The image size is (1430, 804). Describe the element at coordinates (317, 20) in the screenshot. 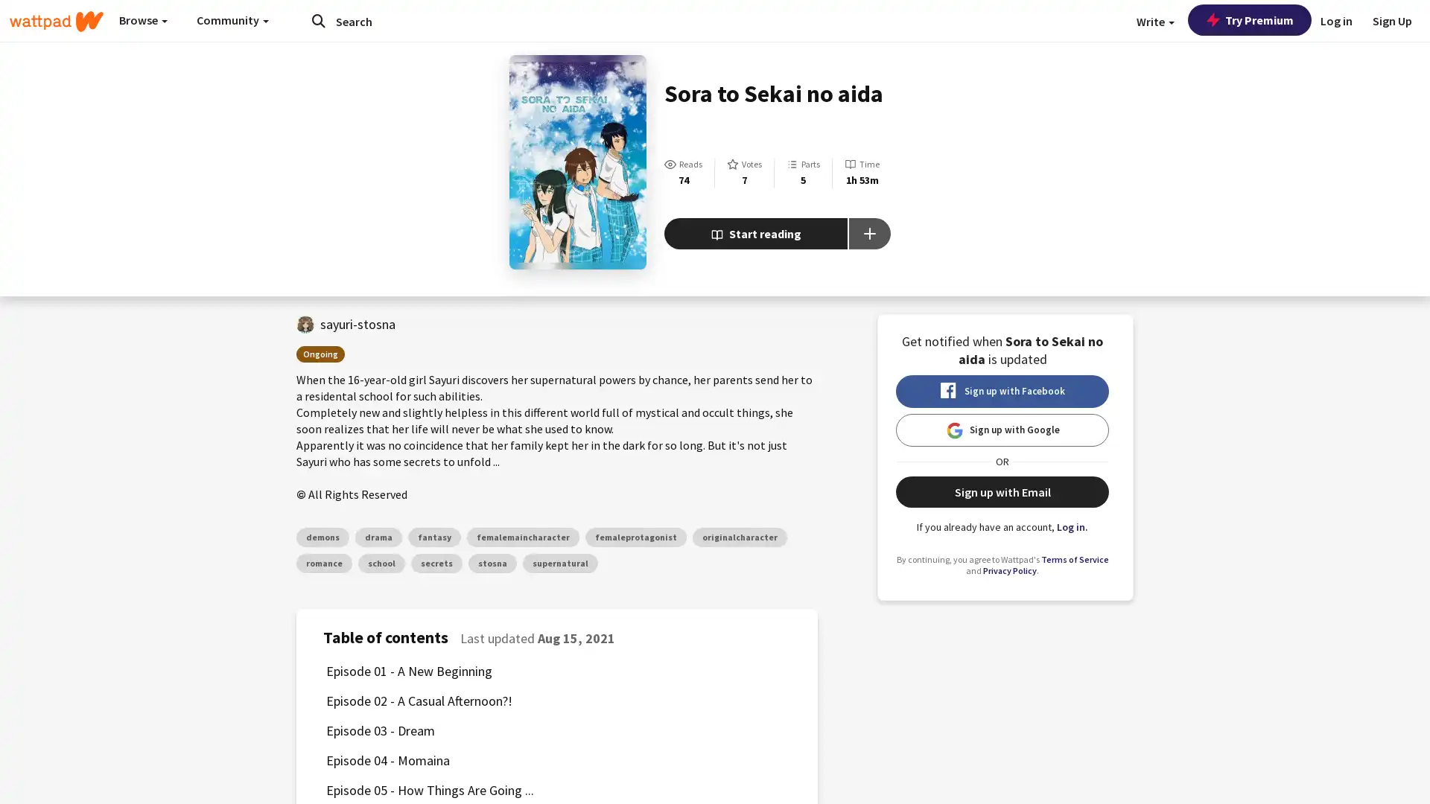

I see `Submit search` at that location.